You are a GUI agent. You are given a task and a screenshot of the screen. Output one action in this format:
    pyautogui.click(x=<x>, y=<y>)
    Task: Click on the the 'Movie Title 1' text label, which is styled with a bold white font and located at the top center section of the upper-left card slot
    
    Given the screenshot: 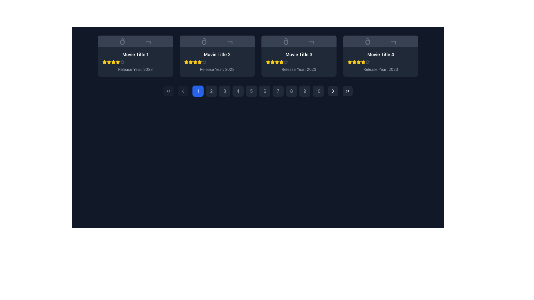 What is the action you would take?
    pyautogui.click(x=135, y=54)
    